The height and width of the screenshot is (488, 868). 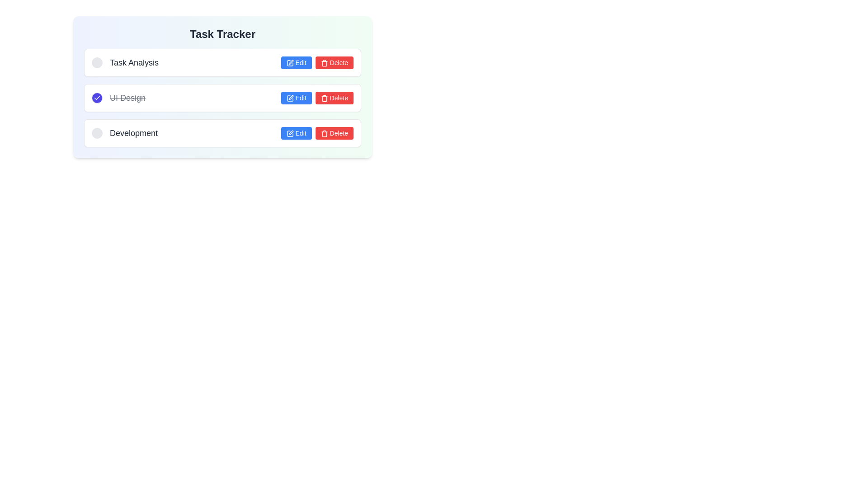 I want to click on the 'Edit' button and the 'Delete' button in the button group located in the second row of the task list in the 'Task Tracker' interface, which contains blue and red buttons respectively, so click(x=317, y=98).